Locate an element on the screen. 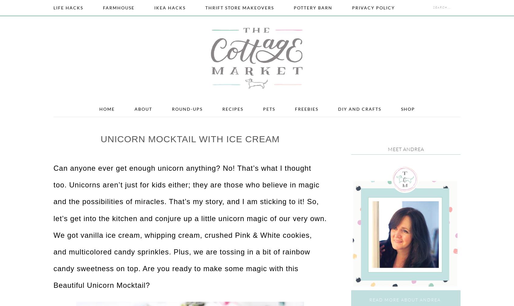  'Shop' is located at coordinates (400, 109).